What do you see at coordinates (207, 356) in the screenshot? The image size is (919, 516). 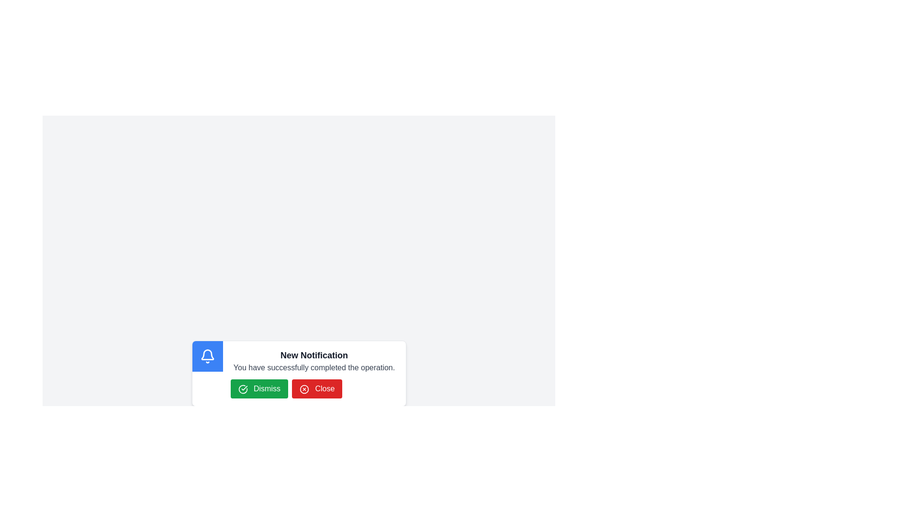 I see `the notification icon located at the top-left of the notification card, which serves as a visual indicator for notifications` at bounding box center [207, 356].